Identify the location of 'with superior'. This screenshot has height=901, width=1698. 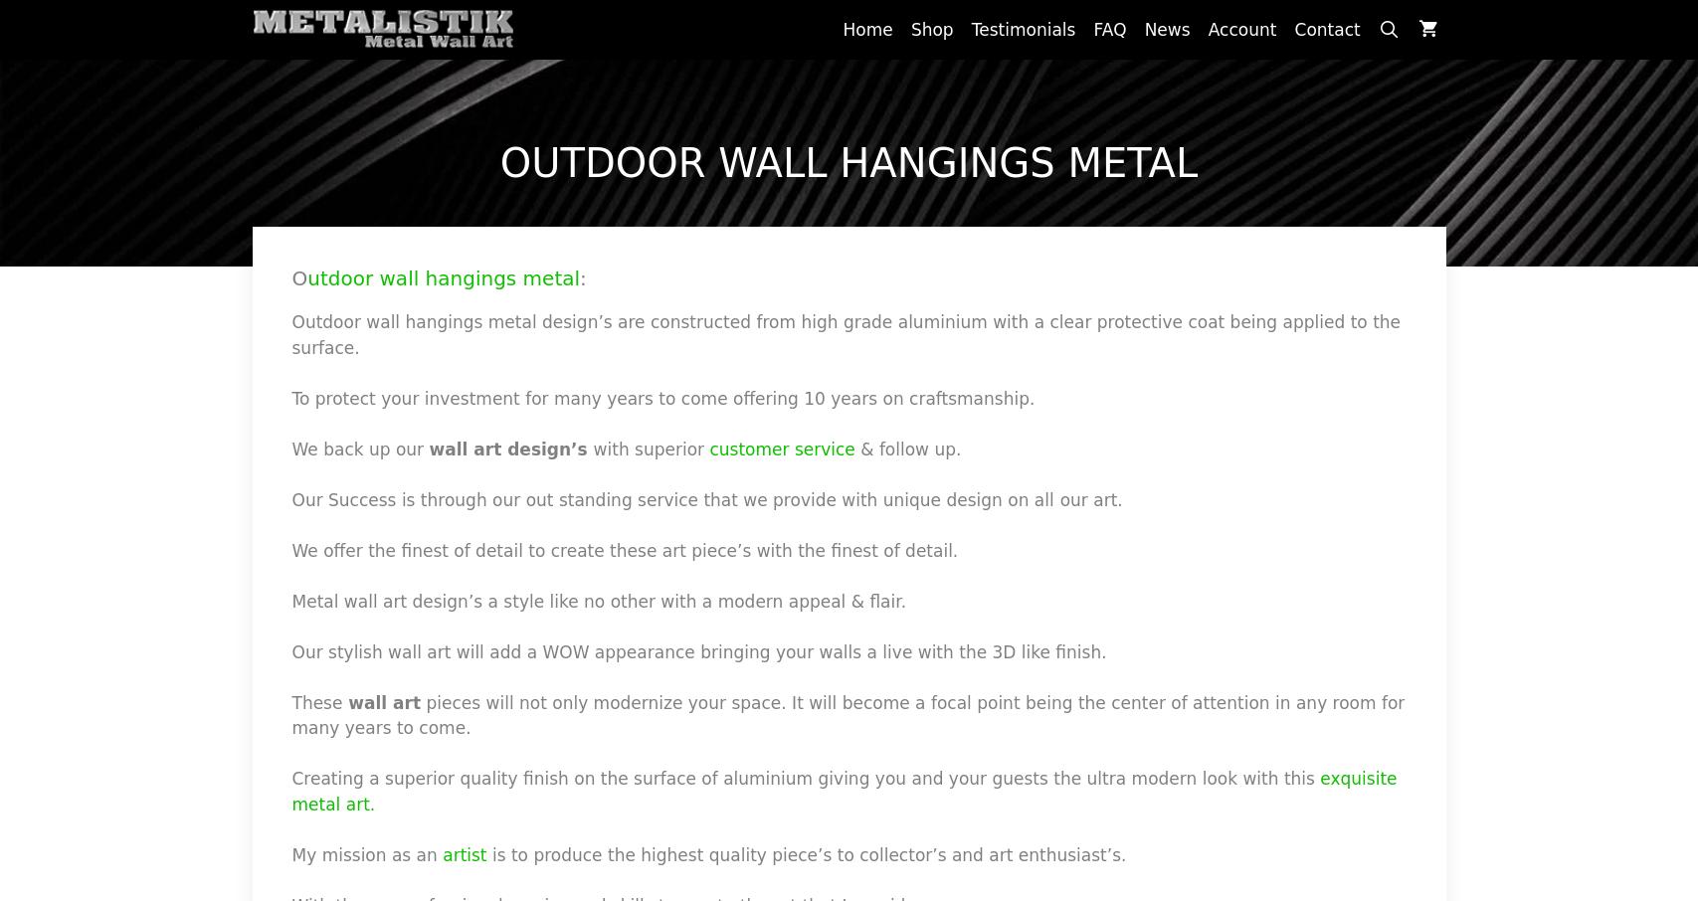
(593, 449).